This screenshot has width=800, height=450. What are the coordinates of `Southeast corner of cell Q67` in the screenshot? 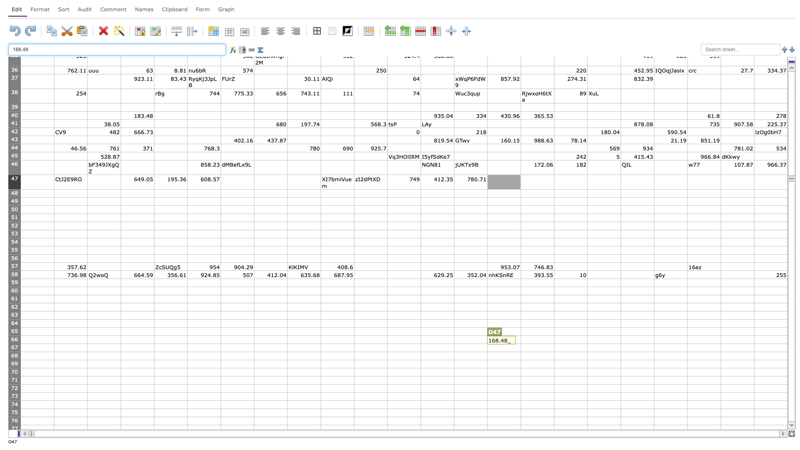 It's located at (587, 352).